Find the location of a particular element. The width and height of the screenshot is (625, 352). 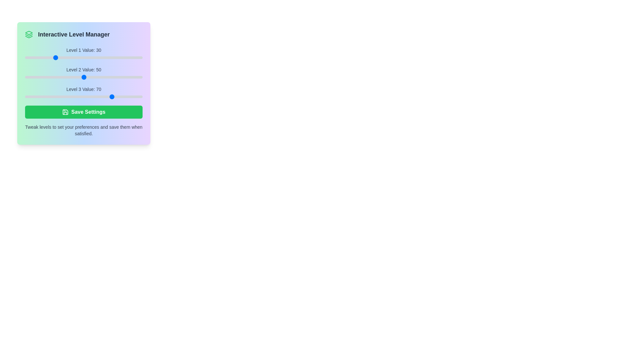

the Level 3 value is located at coordinates (49, 97).